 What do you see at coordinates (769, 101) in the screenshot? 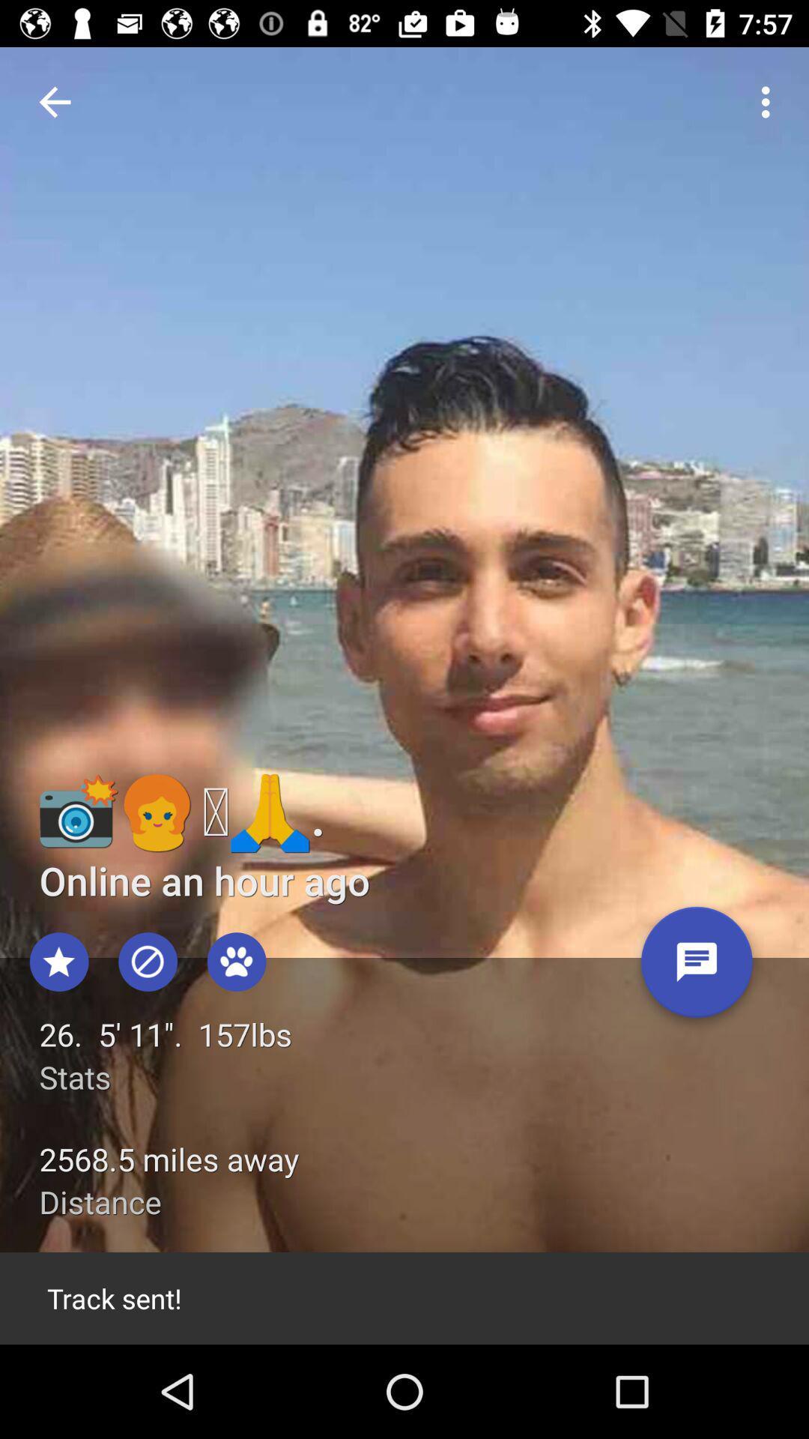
I see `the item at the top right corner` at bounding box center [769, 101].